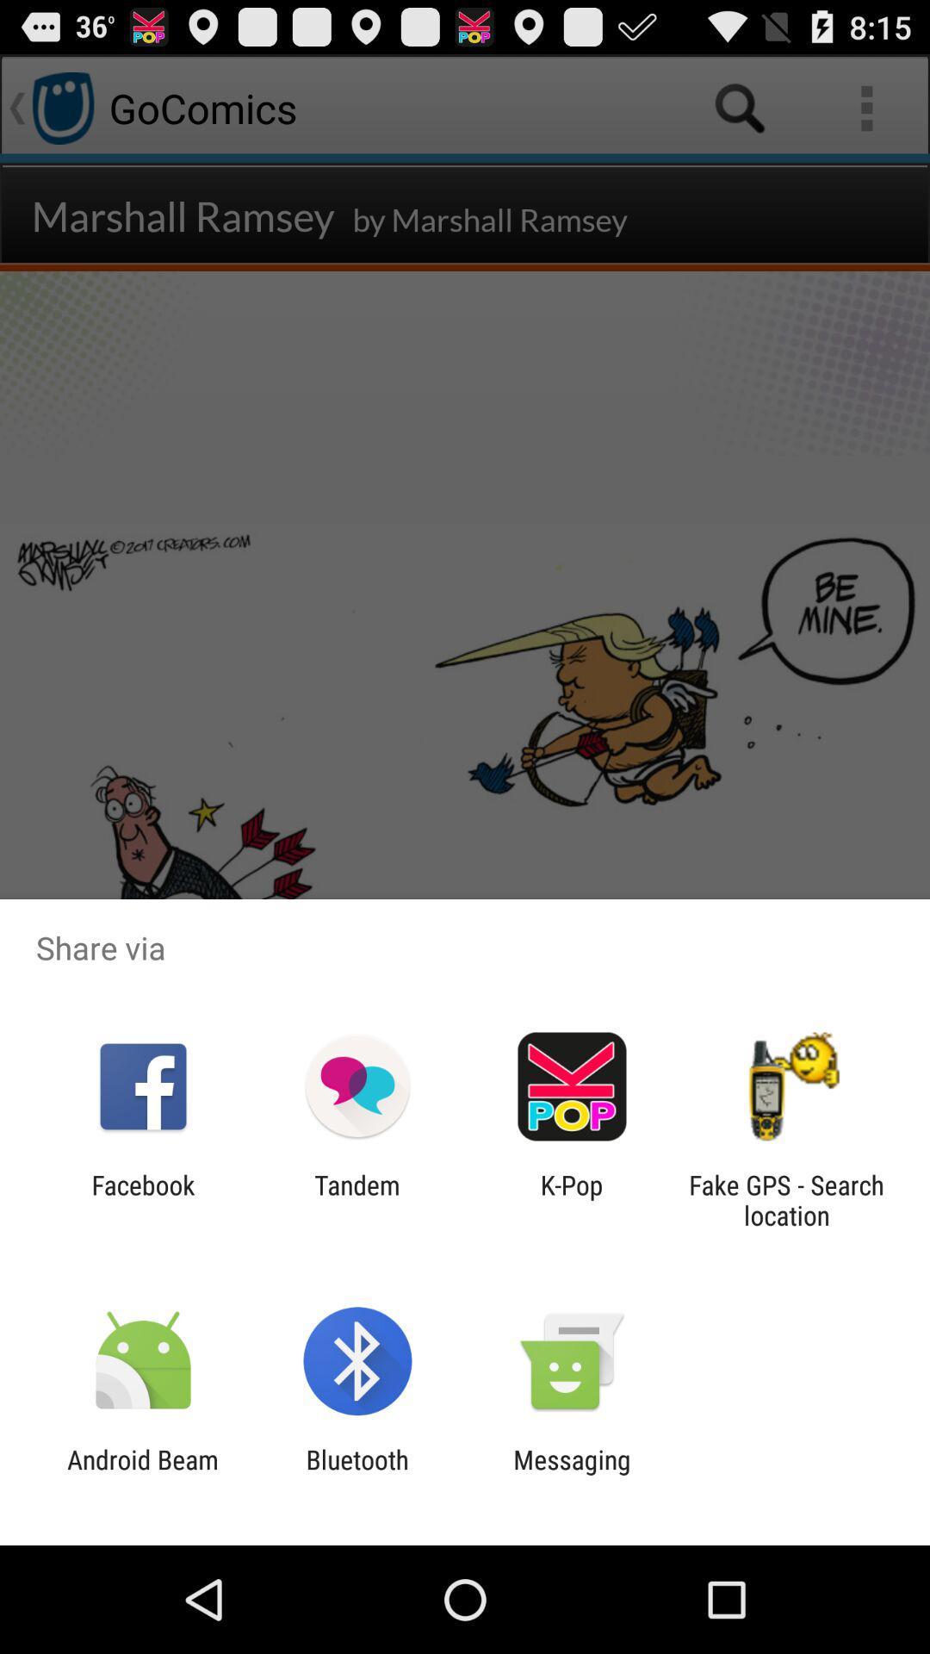 The image size is (930, 1654). I want to click on icon to the left of the messaging item, so click(356, 1474).